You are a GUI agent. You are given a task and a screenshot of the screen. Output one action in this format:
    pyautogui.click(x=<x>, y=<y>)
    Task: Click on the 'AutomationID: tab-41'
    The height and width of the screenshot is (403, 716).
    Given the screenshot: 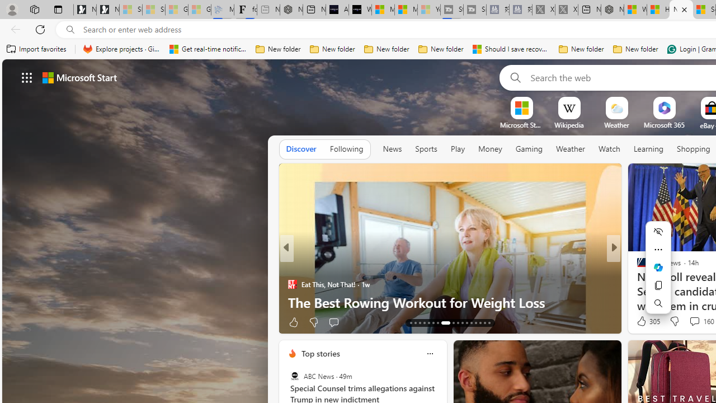 What is the action you would take?
    pyautogui.click(x=480, y=323)
    